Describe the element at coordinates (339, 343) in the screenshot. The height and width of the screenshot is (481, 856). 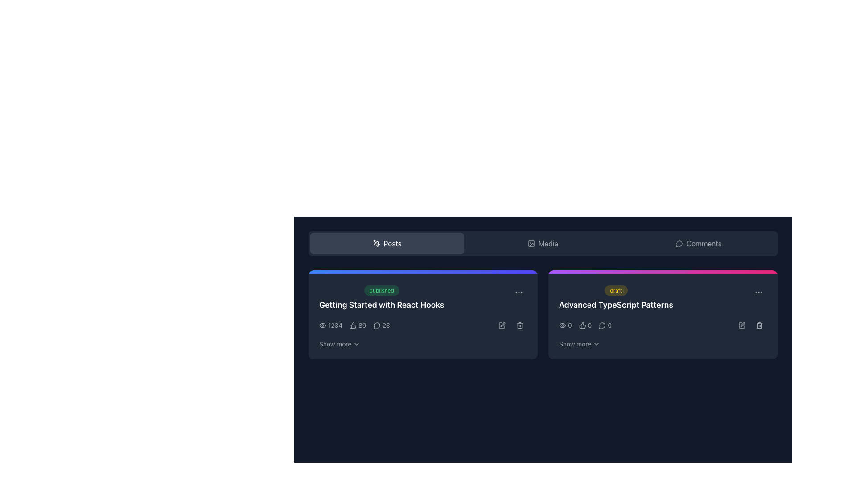
I see `the 'Show more' interactive button at the bottom-left corner of the 'Getting Started with React Hooks' card to observe the color change from gray to white` at that location.